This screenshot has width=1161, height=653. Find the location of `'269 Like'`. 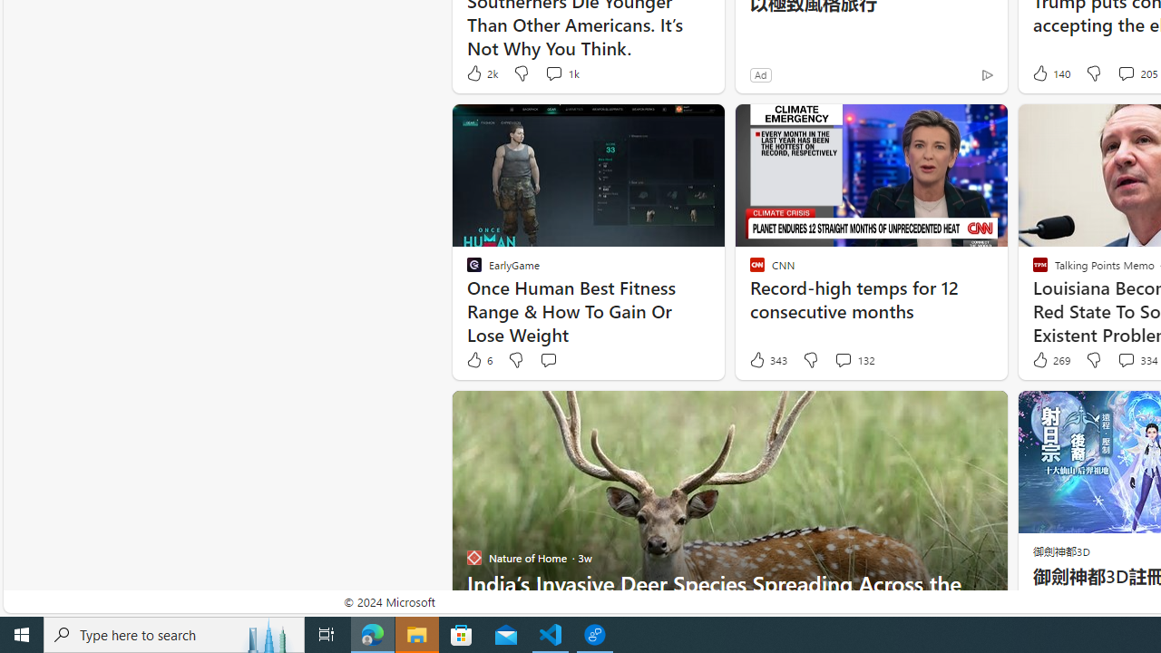

'269 Like' is located at coordinates (1049, 360).